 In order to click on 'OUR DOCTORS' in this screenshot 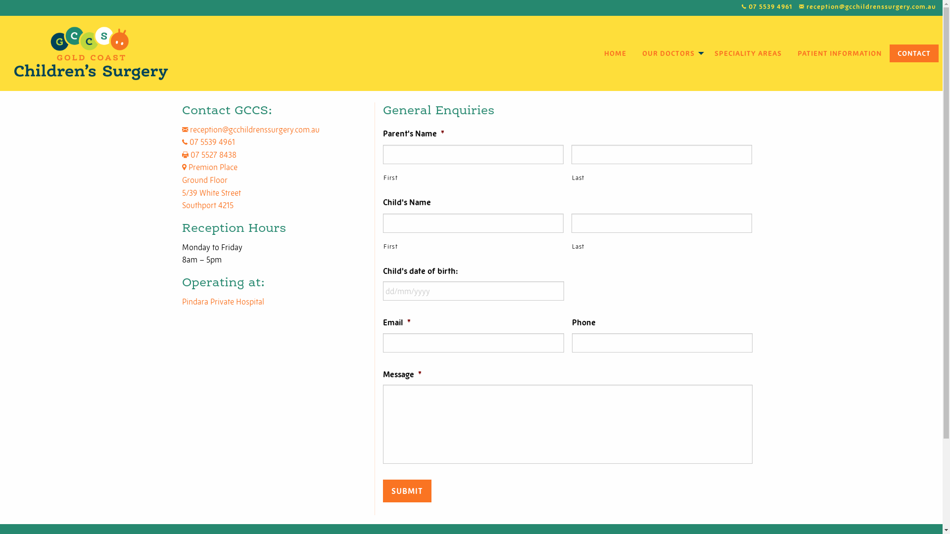, I will do `click(670, 53)`.